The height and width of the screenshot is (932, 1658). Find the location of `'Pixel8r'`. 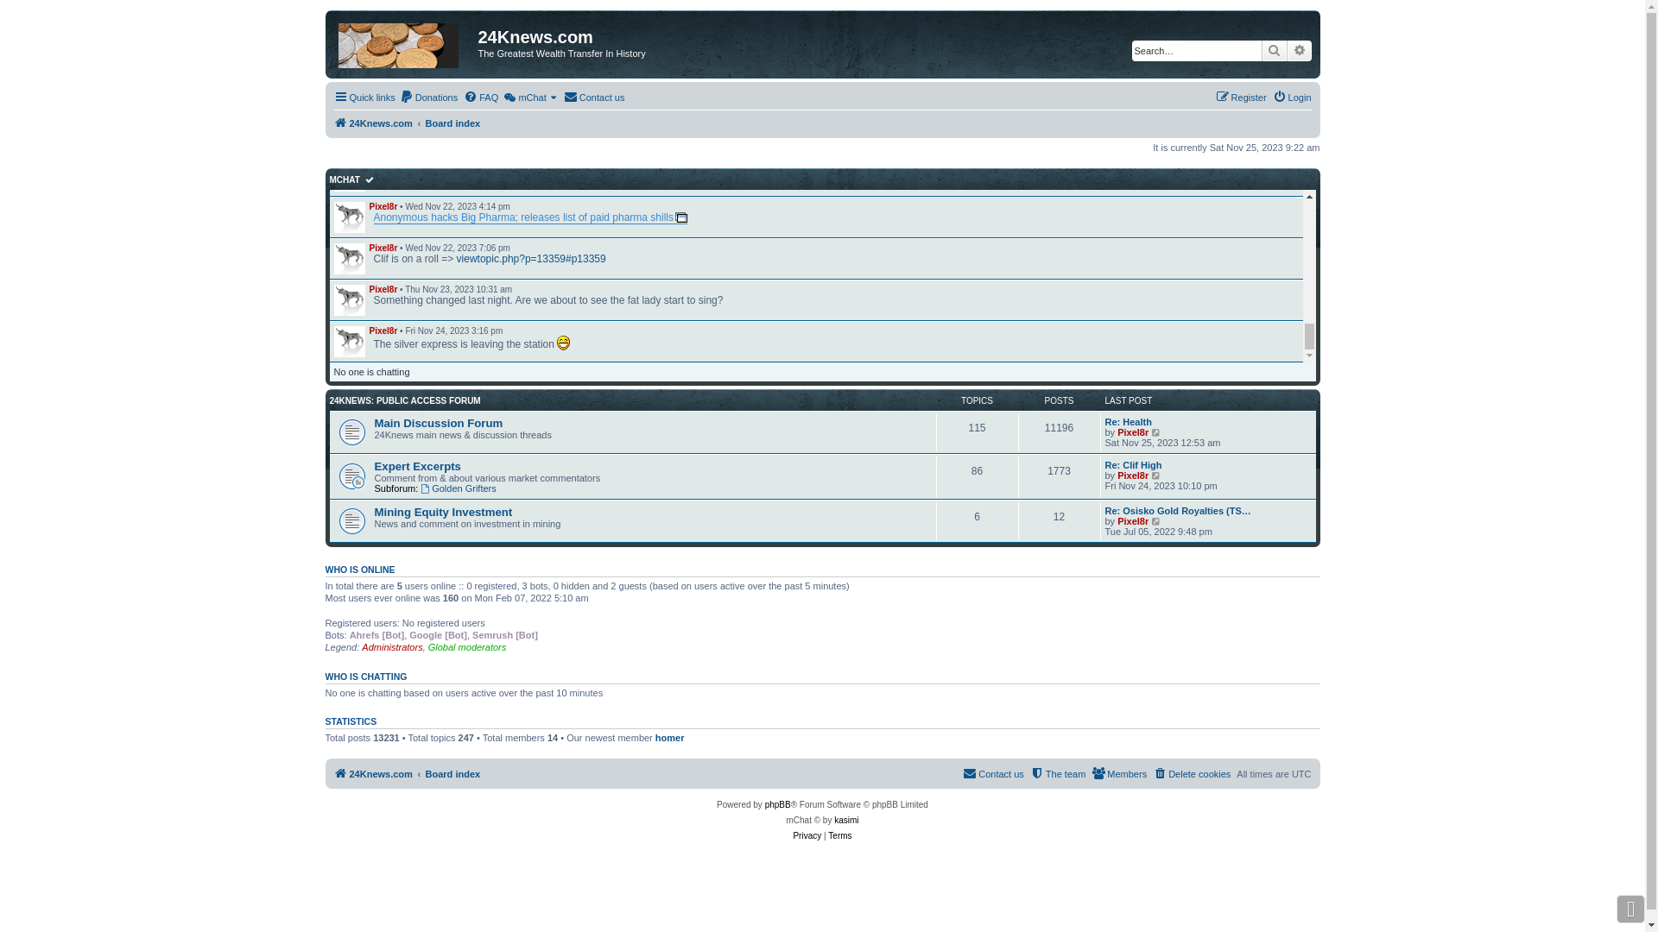

'Pixel8r' is located at coordinates (383, 248).